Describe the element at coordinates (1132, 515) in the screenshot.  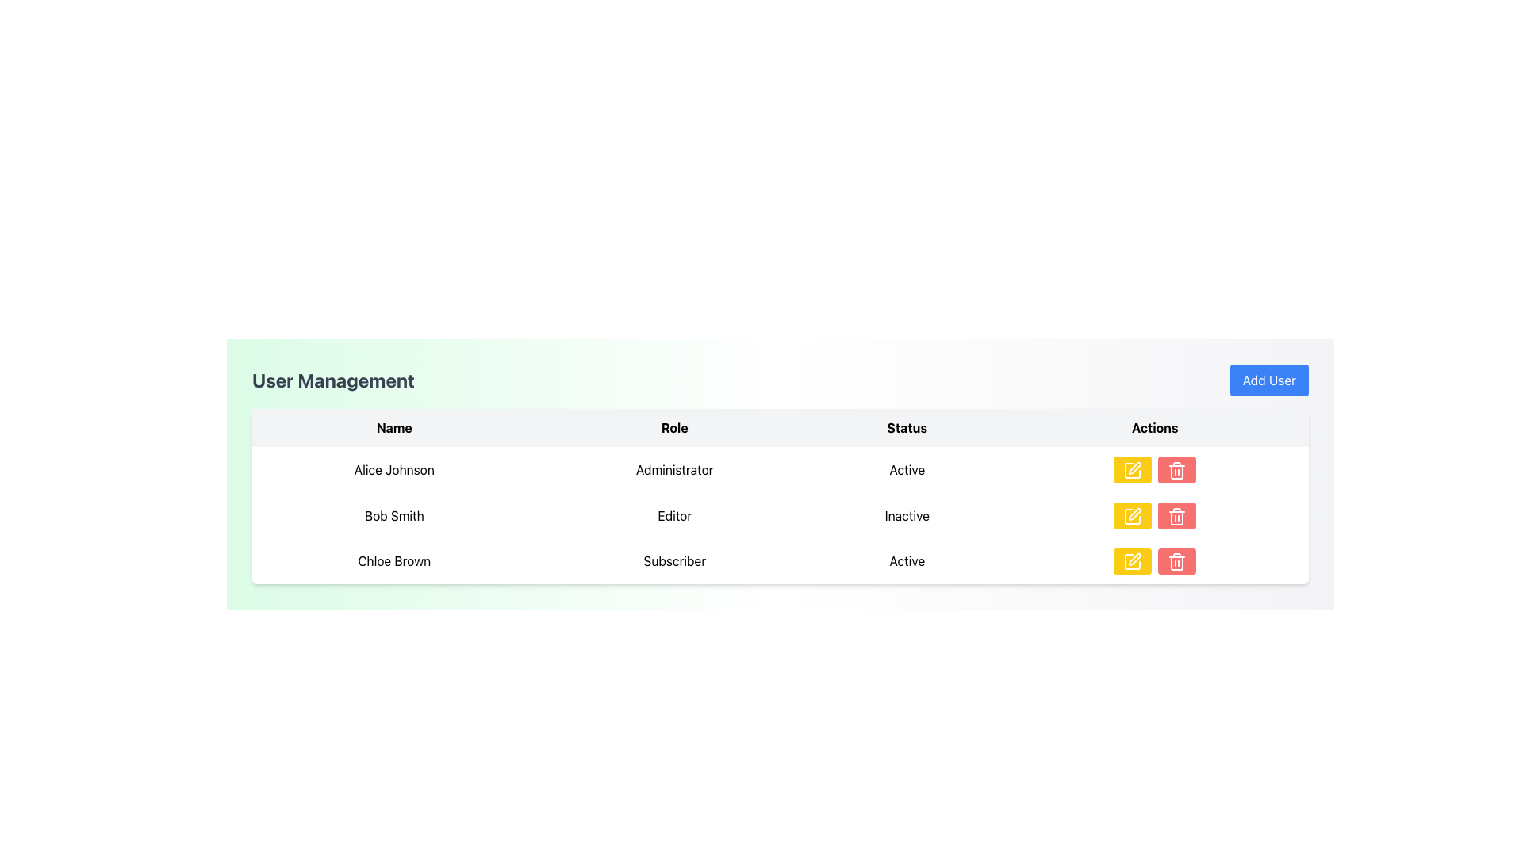
I see `the yellow rounded button with a pencil icon located in the 'Actions' column, specifically the second button for 'Bob Smith'` at that location.